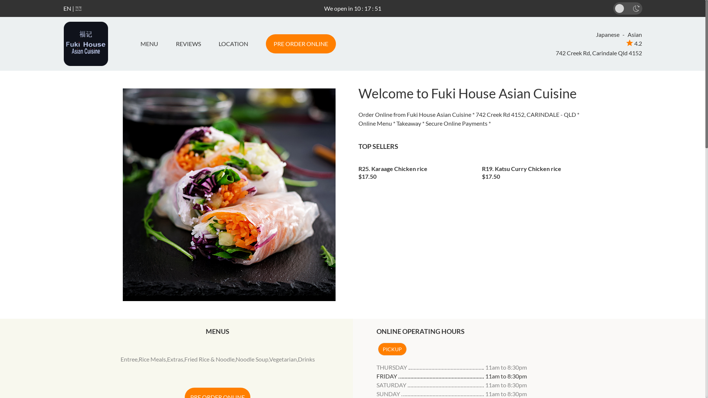 The image size is (708, 398). Describe the element at coordinates (414, 170) in the screenshot. I see `'R25. Karaage Chicken rice` at that location.